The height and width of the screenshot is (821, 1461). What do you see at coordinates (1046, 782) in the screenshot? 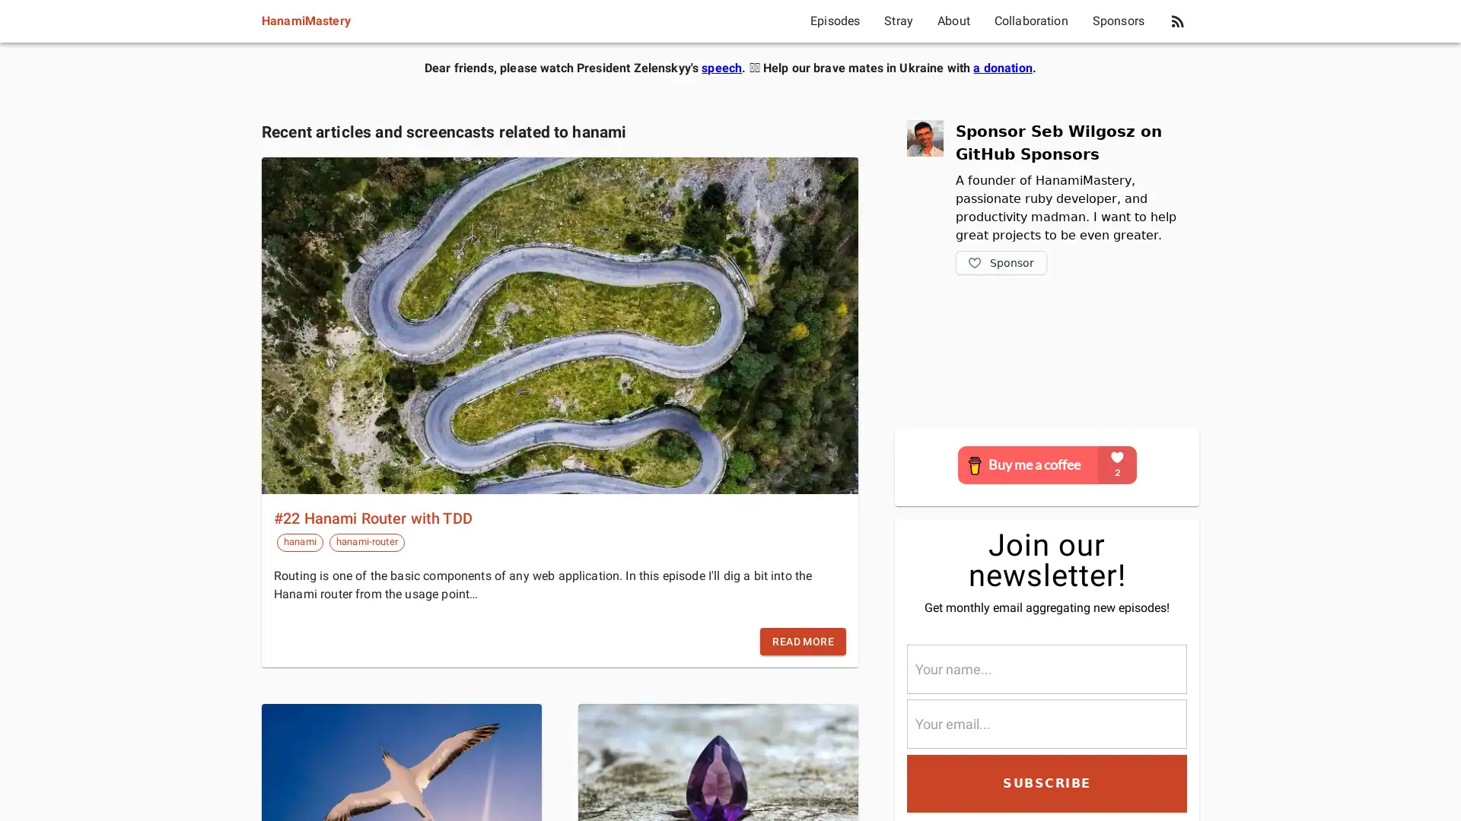
I see `SUBSCRIBE` at bounding box center [1046, 782].